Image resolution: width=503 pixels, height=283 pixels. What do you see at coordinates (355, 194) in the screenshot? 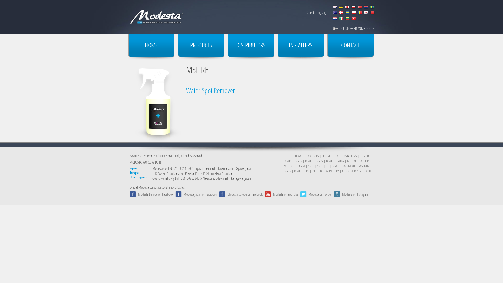
I see `'Modesta on Instagram'` at bounding box center [355, 194].